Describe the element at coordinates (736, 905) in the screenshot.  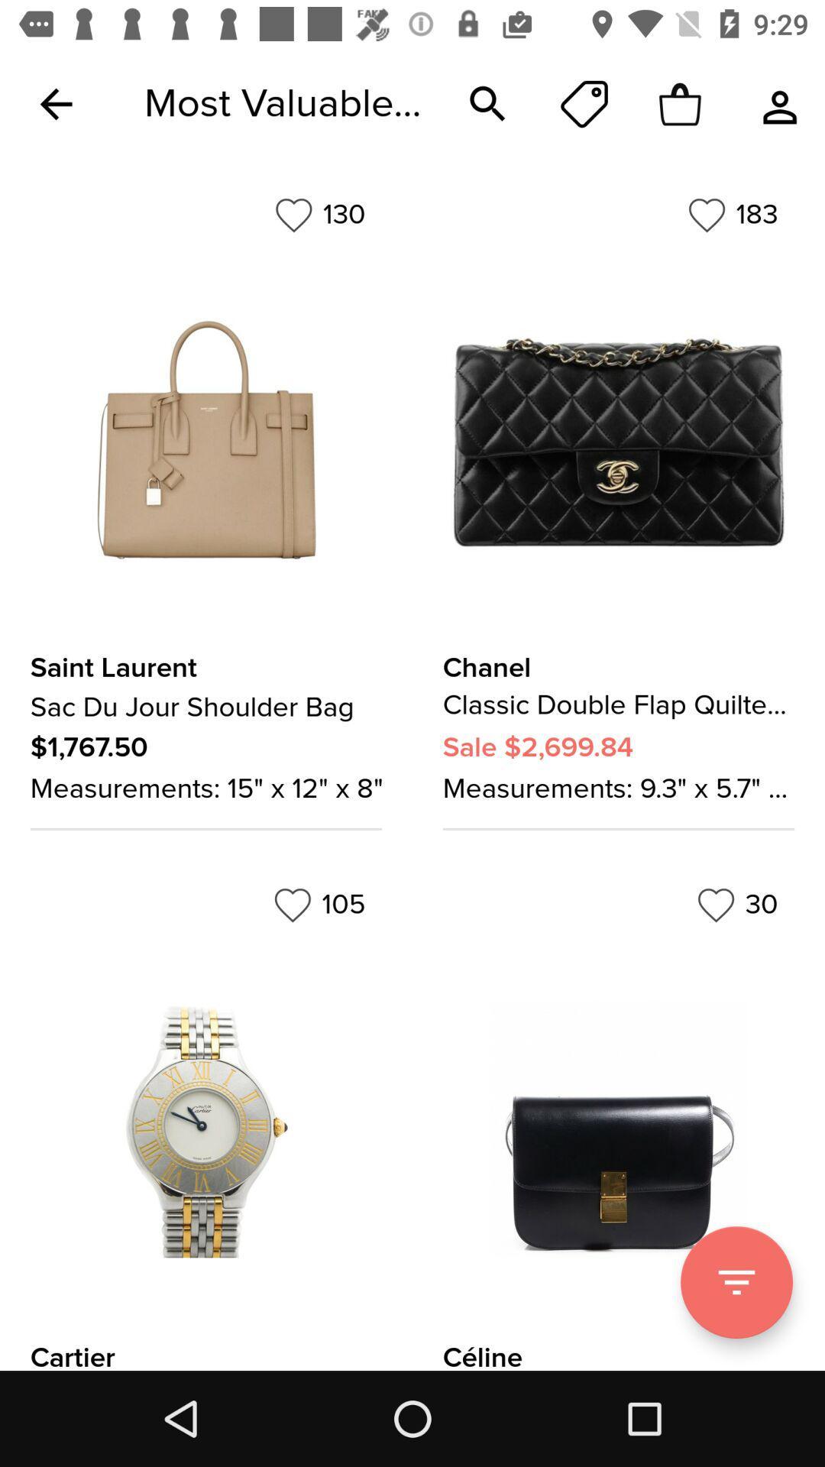
I see `30 item` at that location.